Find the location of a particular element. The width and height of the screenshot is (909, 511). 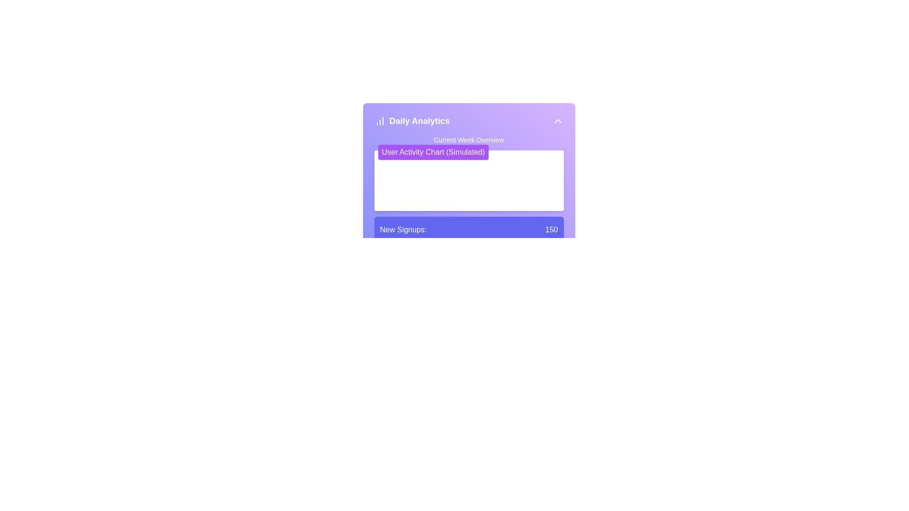

the upward-pointing chevron button on the light purple background located in the top-right corner of the 'Daily Analytics' section is located at coordinates (558, 120).